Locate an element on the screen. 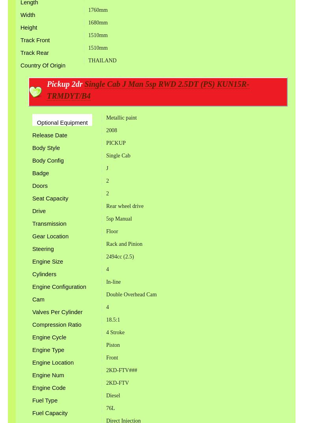  '4 Stroke' is located at coordinates (115, 331).